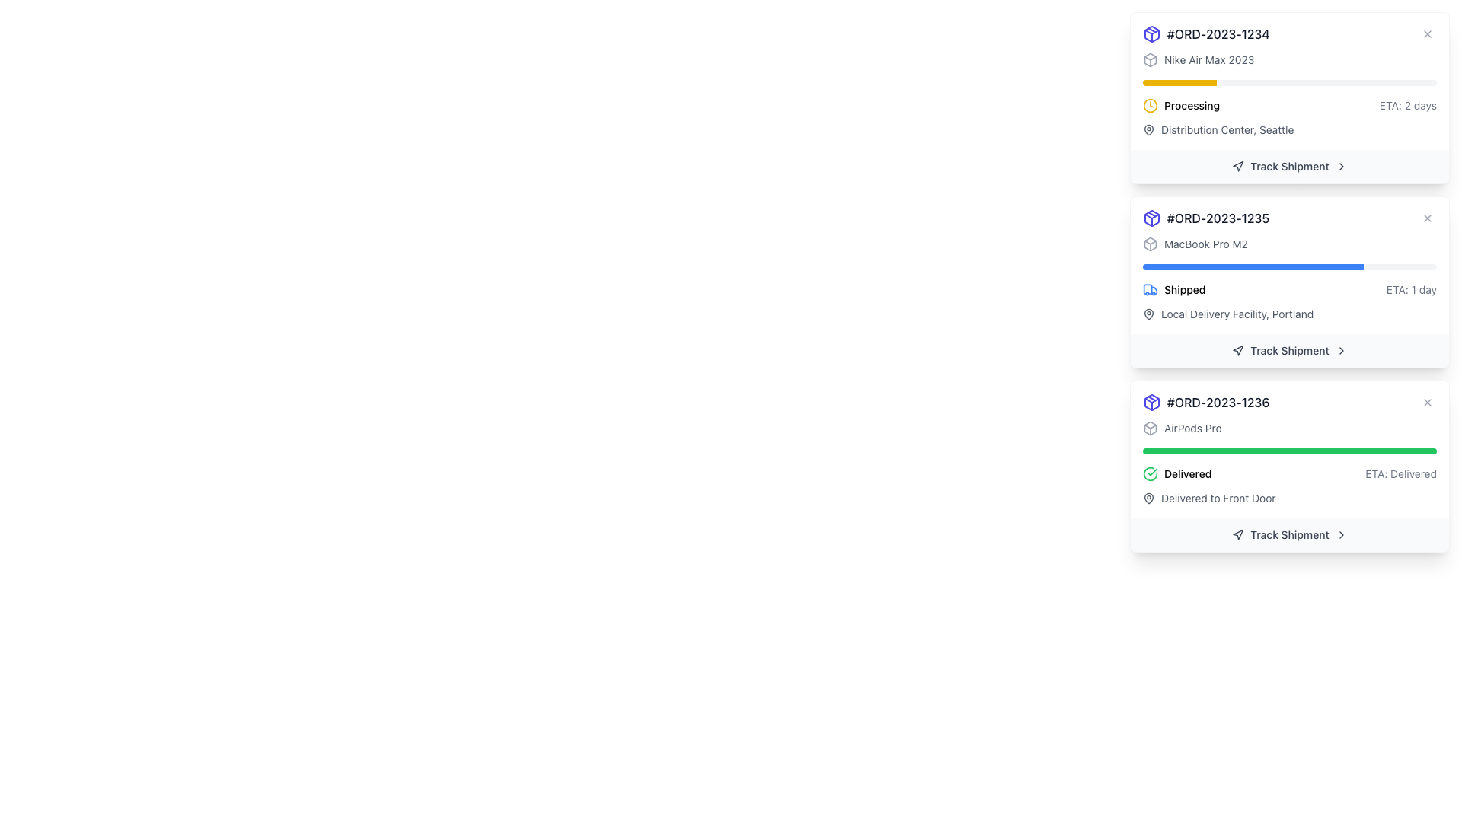 Image resolution: width=1462 pixels, height=822 pixels. I want to click on the text label displaying the order number '#ORD-2023-1234', which is styled with a medium-weight font and gray color, located at the top-left corner of the order details card, so click(1218, 34).